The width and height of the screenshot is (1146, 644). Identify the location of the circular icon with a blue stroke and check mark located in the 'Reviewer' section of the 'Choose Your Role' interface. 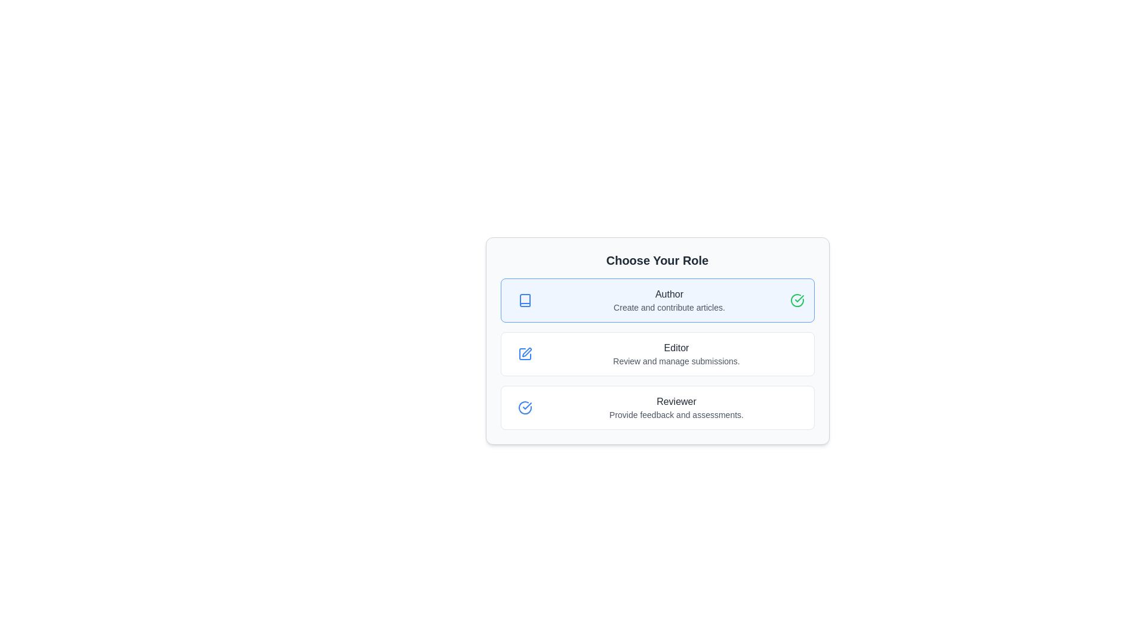
(525, 407).